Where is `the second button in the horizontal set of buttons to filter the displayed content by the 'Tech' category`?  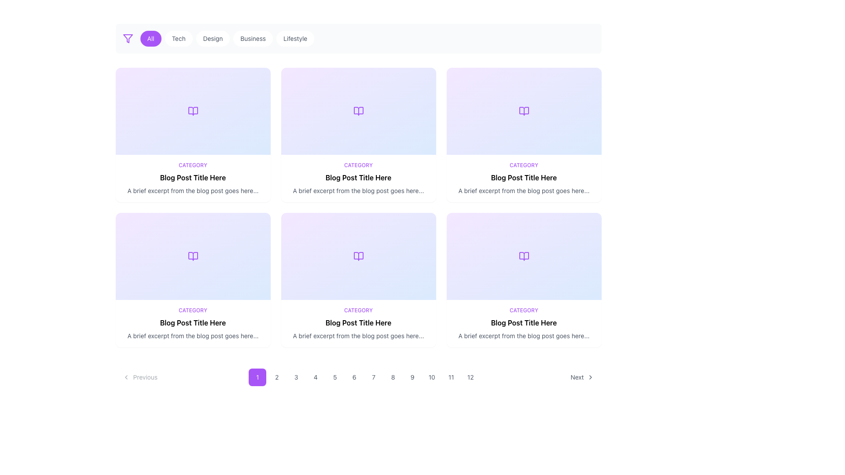
the second button in the horizontal set of buttons to filter the displayed content by the 'Tech' category is located at coordinates (178, 38).